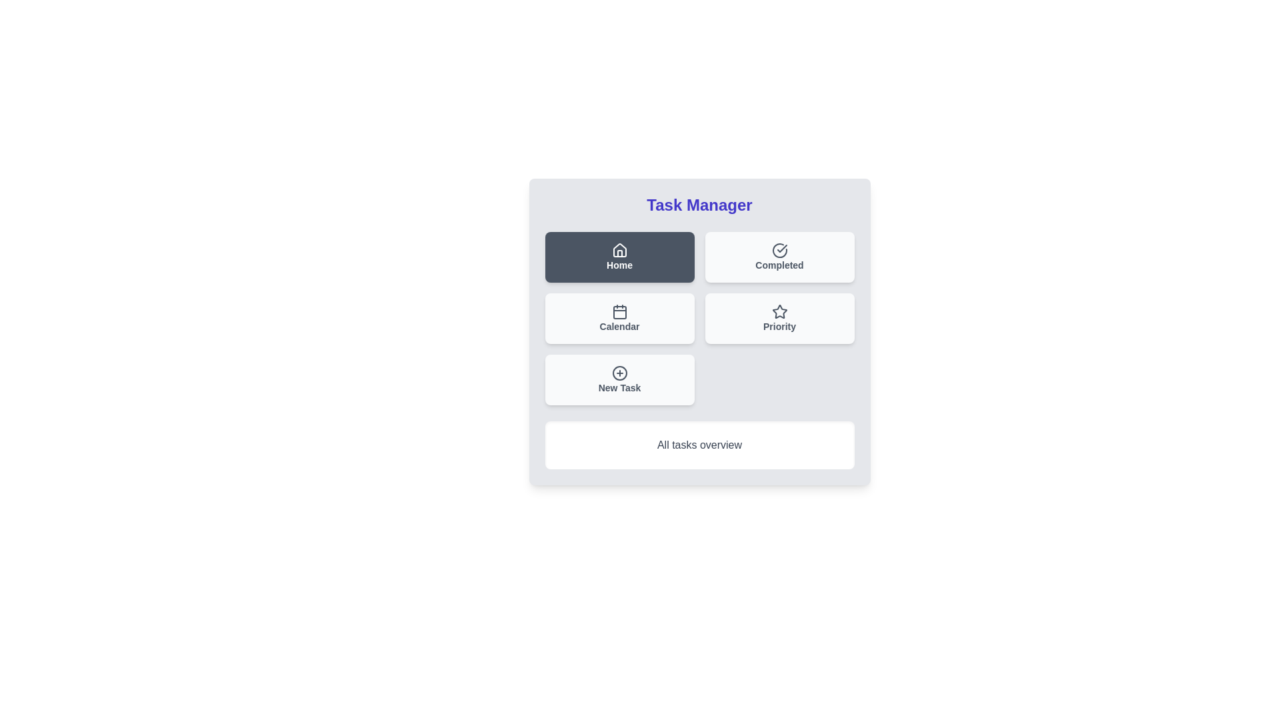  Describe the element at coordinates (619, 257) in the screenshot. I see `the 'Home' navigation button located at the top-left corner of the grid` at that location.